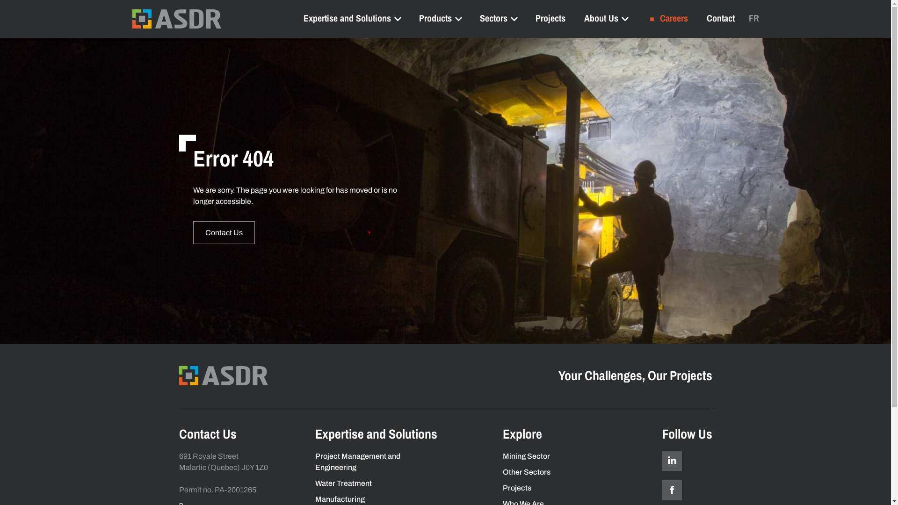 The width and height of the screenshot is (898, 505). I want to click on 'Water Treatment', so click(343, 483).